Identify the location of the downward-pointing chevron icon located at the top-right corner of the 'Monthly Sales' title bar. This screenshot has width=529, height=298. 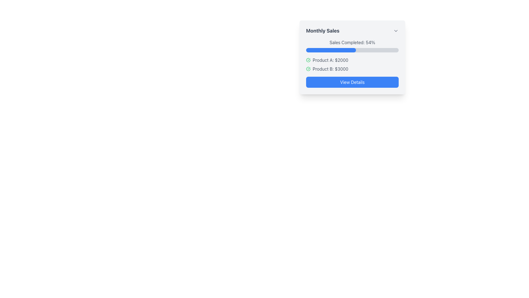
(395, 31).